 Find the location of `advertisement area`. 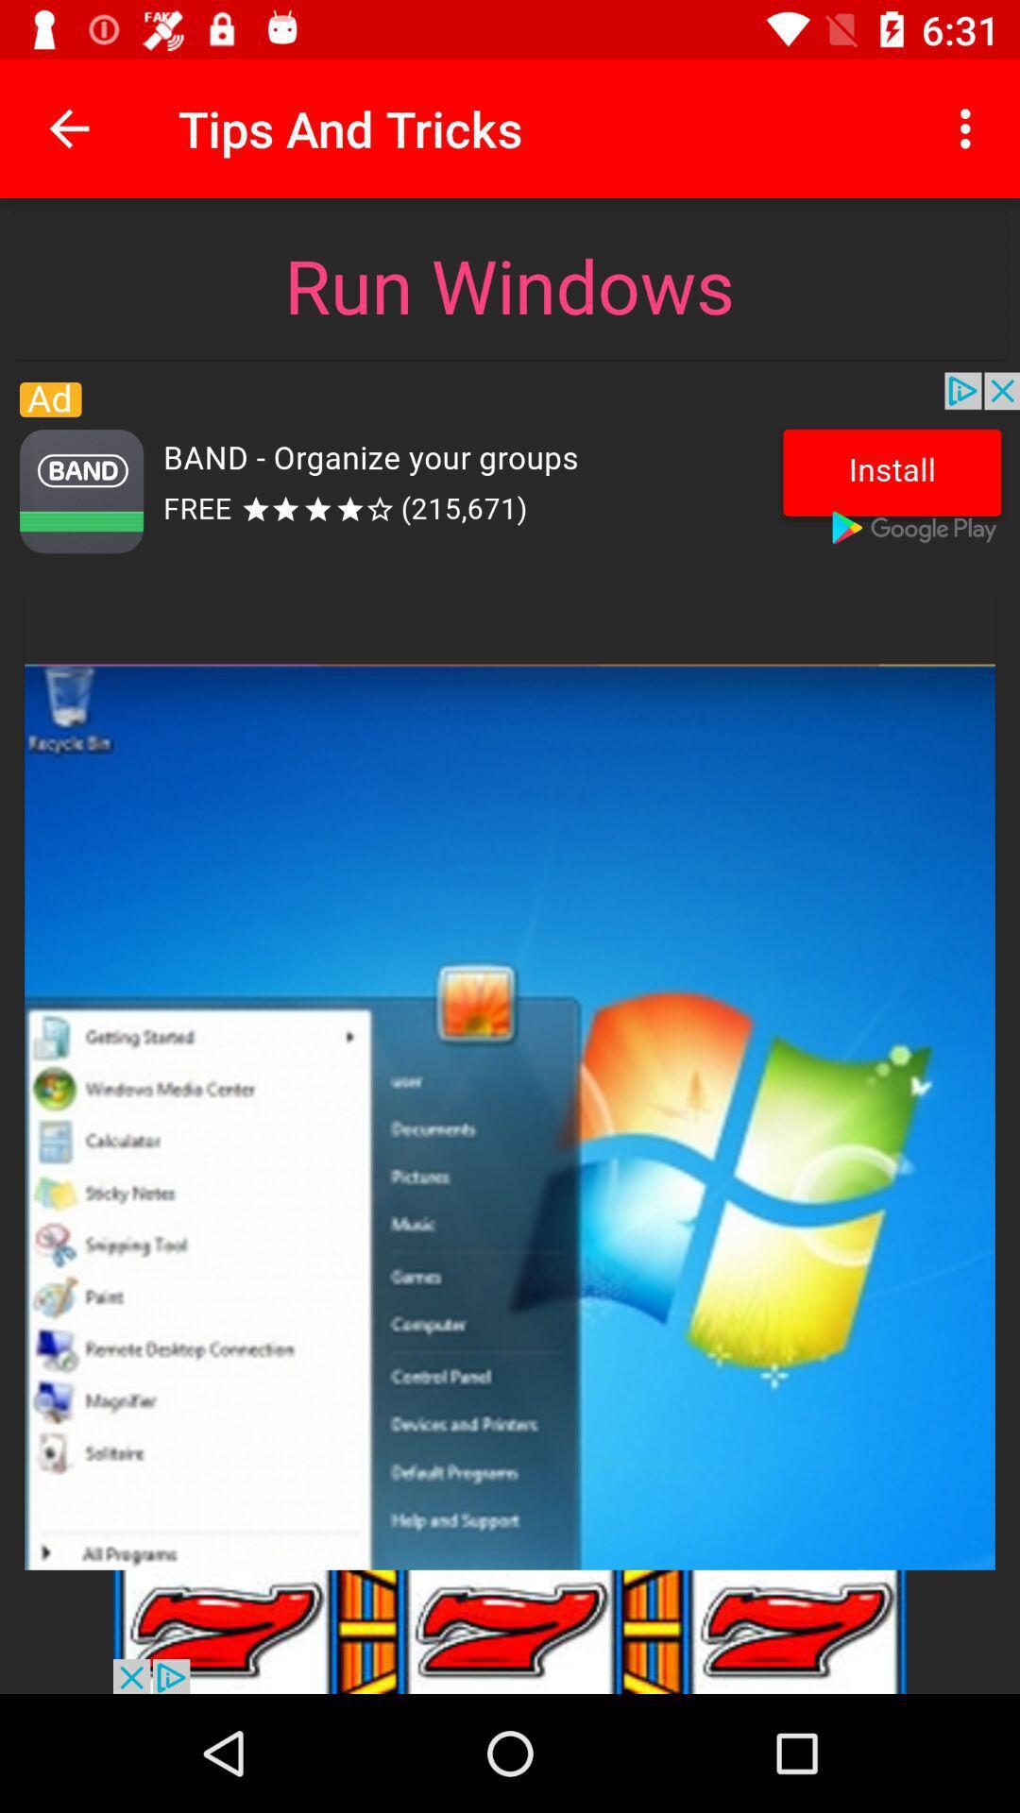

advertisement area is located at coordinates (510, 471).